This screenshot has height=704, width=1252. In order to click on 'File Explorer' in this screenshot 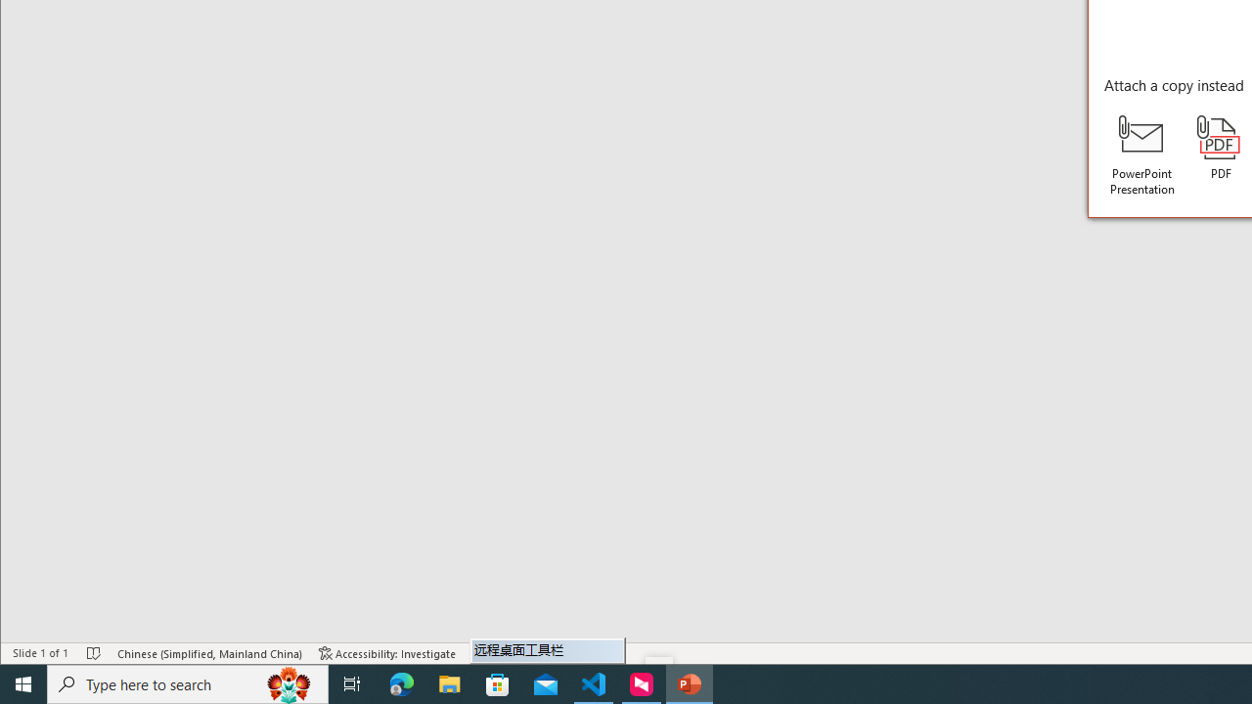, I will do `click(449, 682)`.